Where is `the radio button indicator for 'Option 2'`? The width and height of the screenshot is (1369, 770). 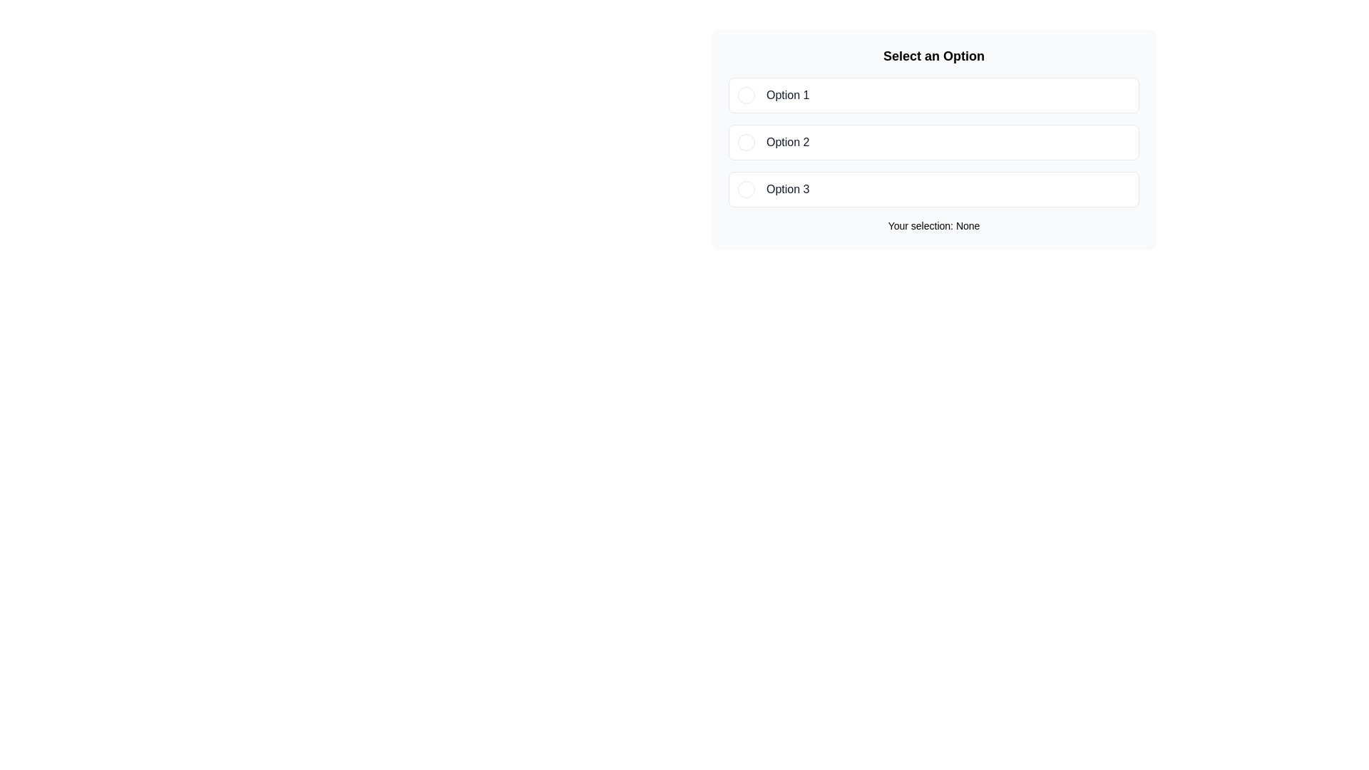
the radio button indicator for 'Option 2' is located at coordinates (745, 143).